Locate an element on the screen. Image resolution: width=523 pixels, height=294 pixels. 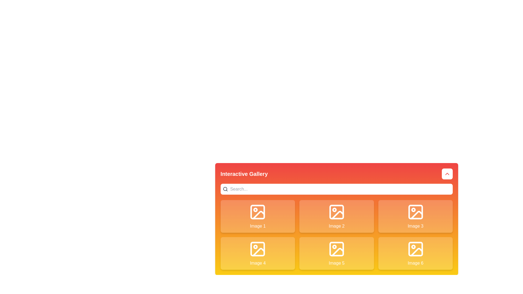
the decorative graphical component of the icon located in the fifth image slot in the grid layout, specifically at the bottom-left corner of the icon is located at coordinates (337, 252).